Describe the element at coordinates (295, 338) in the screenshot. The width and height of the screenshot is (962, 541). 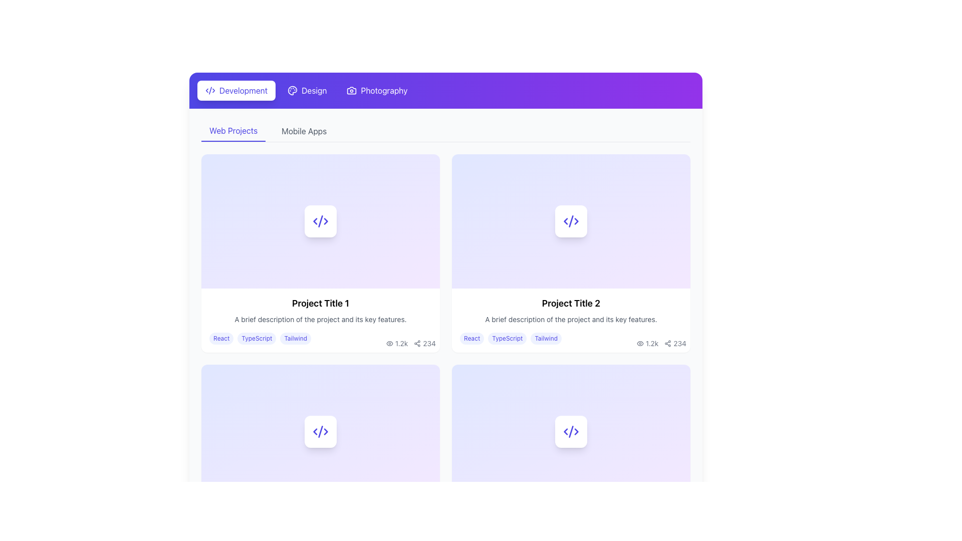
I see `the 'Tailwind' badge, which is a small pill-shaped badge with a light indigo background and indigo text, located below the 'Project Title 1' section in the first card on the left` at that location.